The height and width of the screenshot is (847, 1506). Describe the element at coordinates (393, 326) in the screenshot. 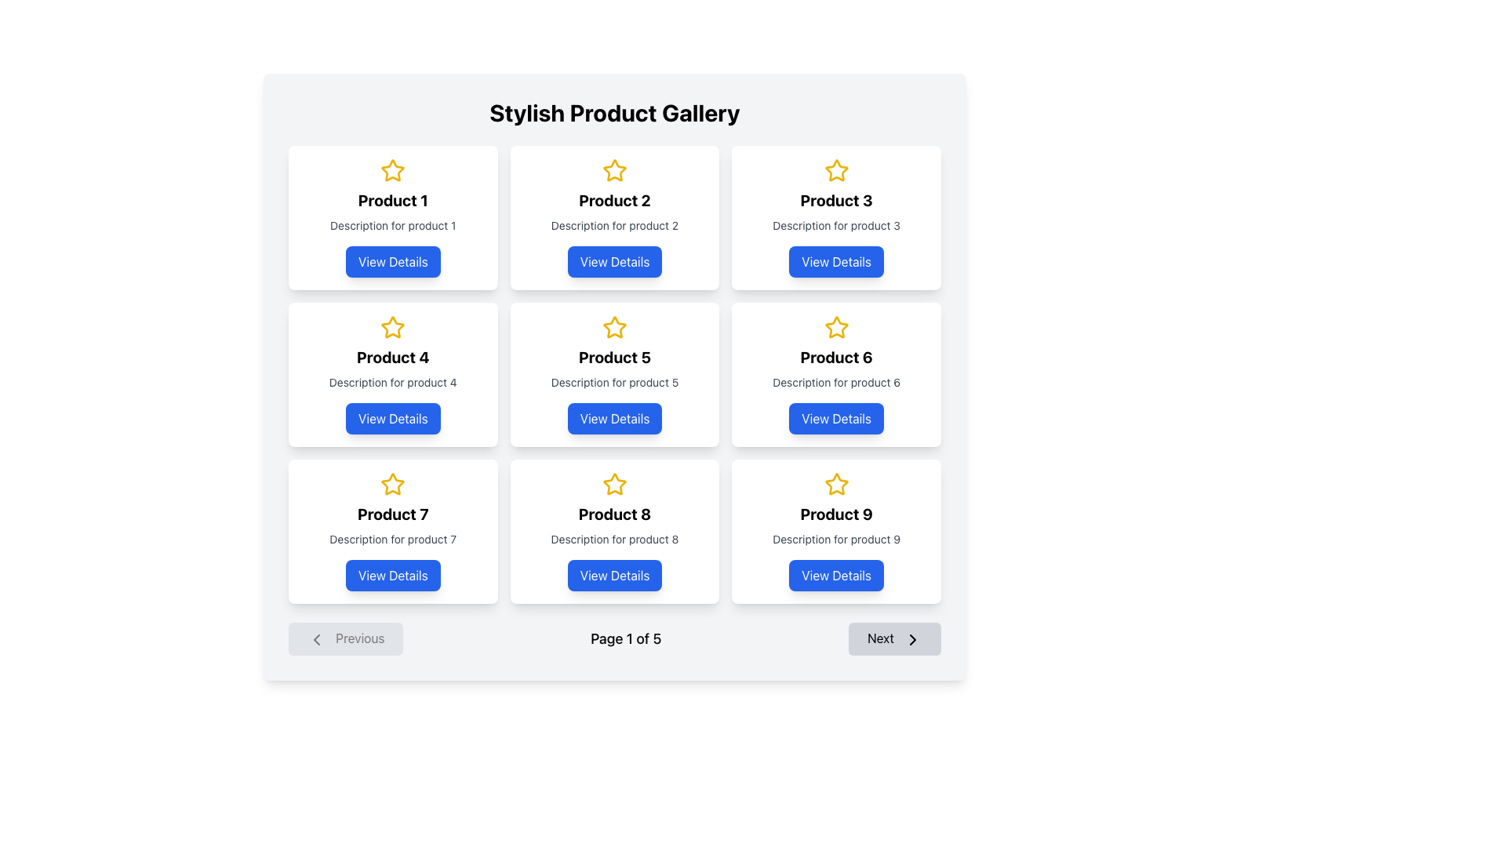

I see `the star icon with a yellow outline located above the title 'Product 4'` at that location.